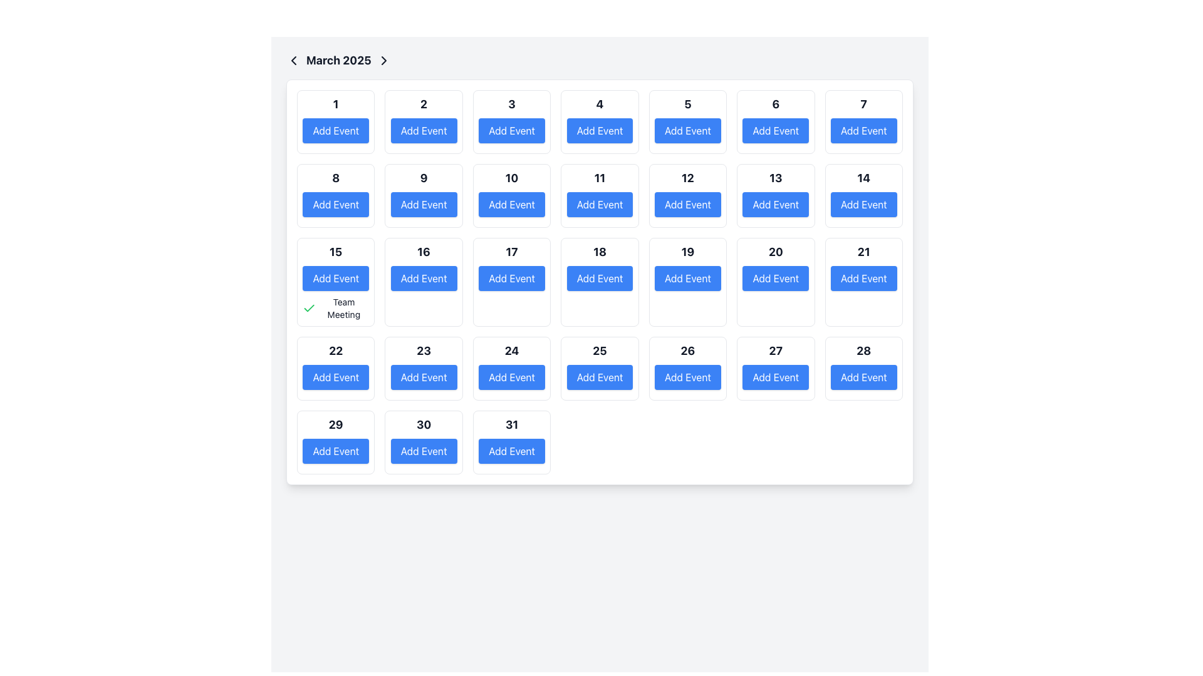 The image size is (1203, 676). I want to click on the button located in the calendar grid cell labeled '11' to initiate adding an event, so click(599, 204).